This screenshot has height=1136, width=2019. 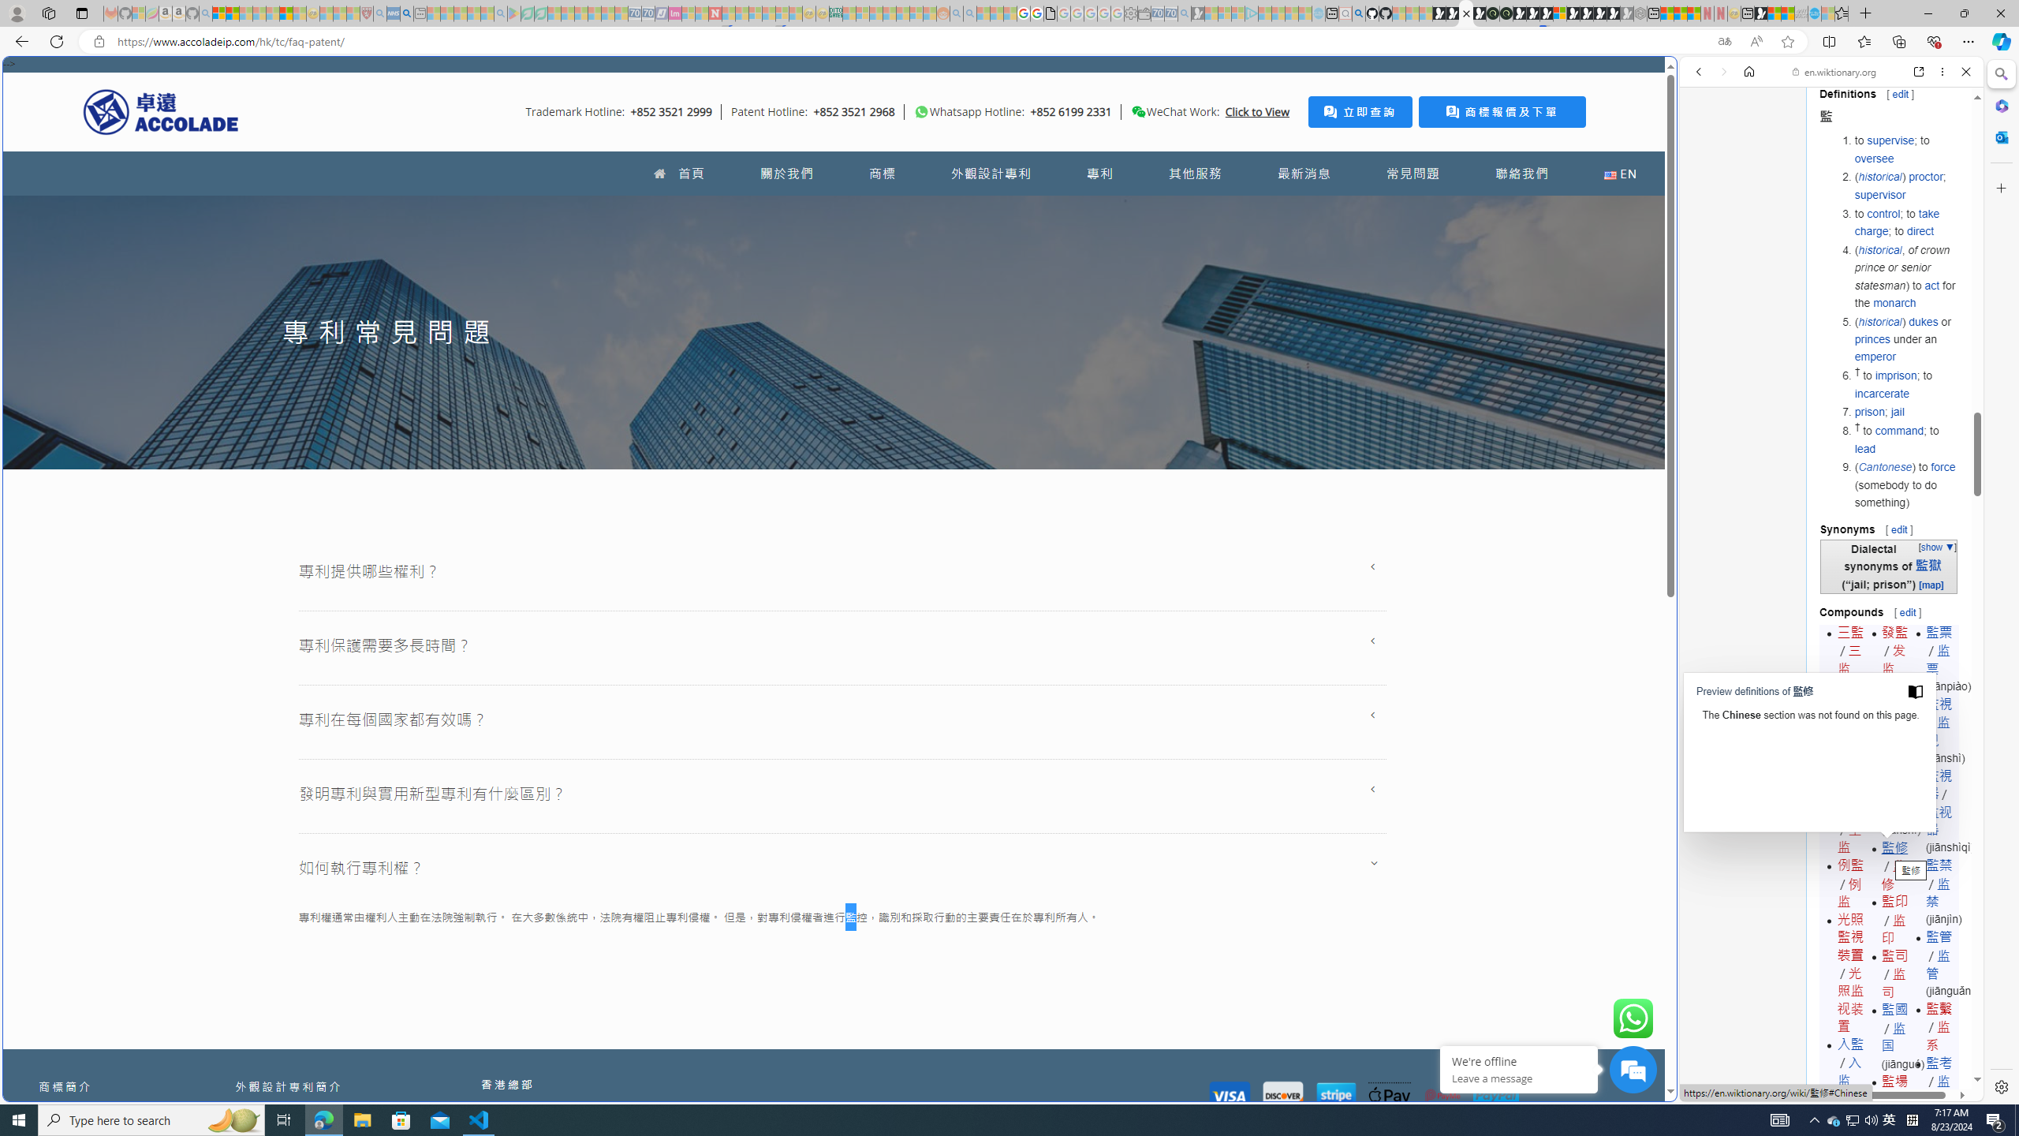 What do you see at coordinates (1905, 185) in the screenshot?
I see `'(historical) proctor; supervisor'` at bounding box center [1905, 185].